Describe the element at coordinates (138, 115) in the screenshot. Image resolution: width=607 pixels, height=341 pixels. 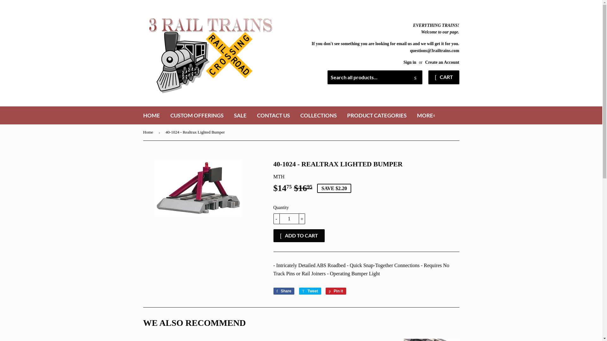
I see `'HOME'` at that location.